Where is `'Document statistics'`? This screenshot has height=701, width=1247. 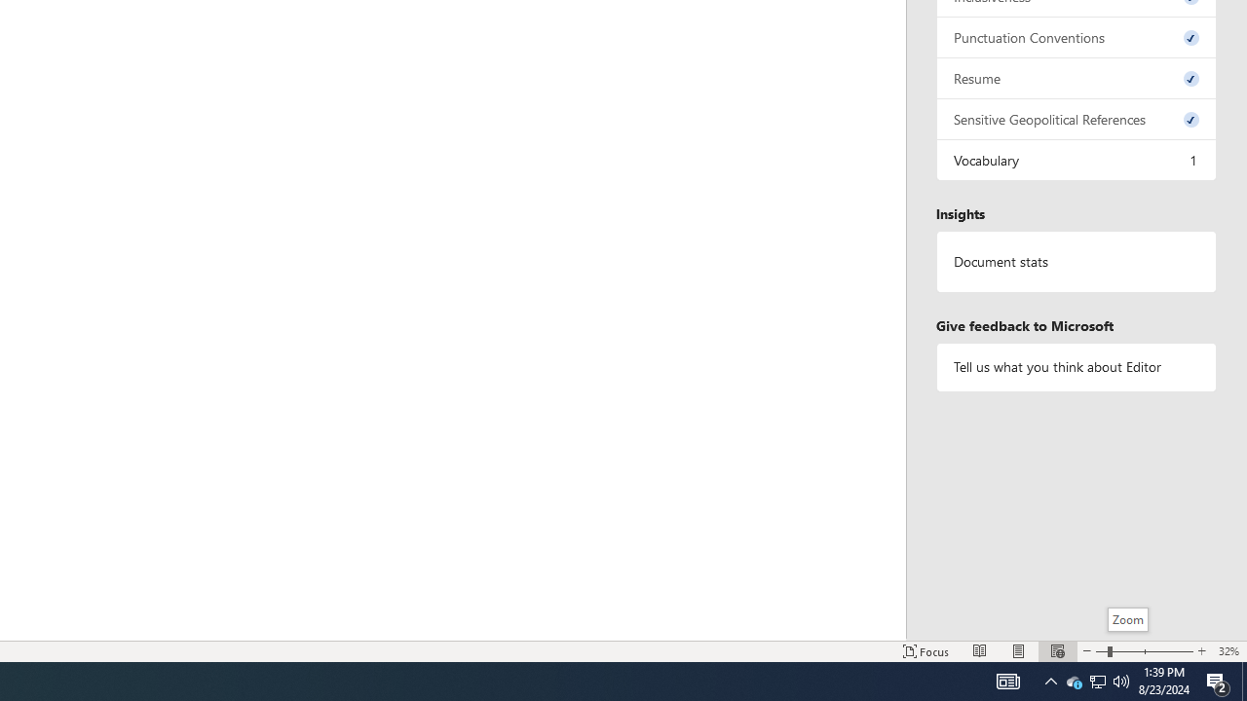
'Document statistics' is located at coordinates (1076, 261).